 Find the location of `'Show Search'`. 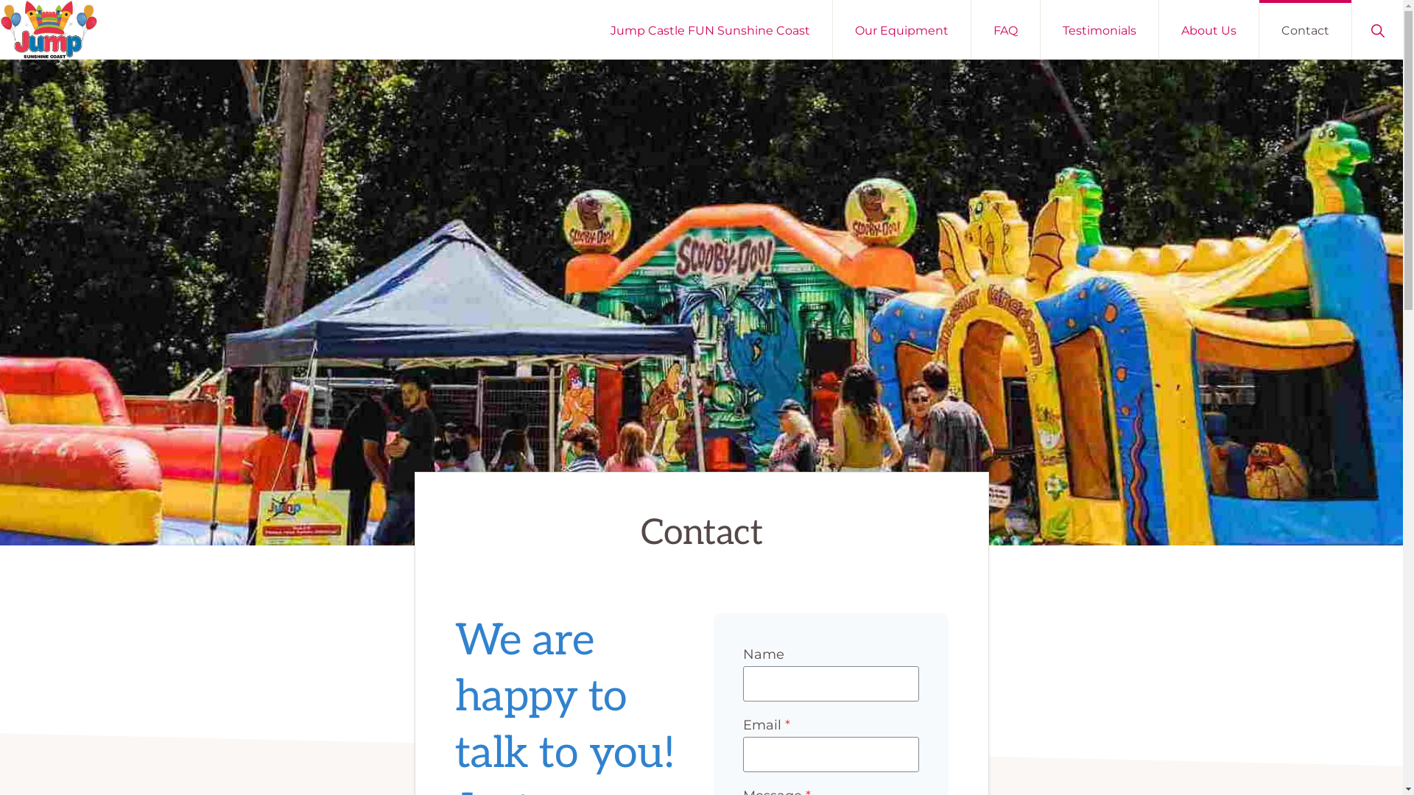

'Show Search' is located at coordinates (1376, 29).